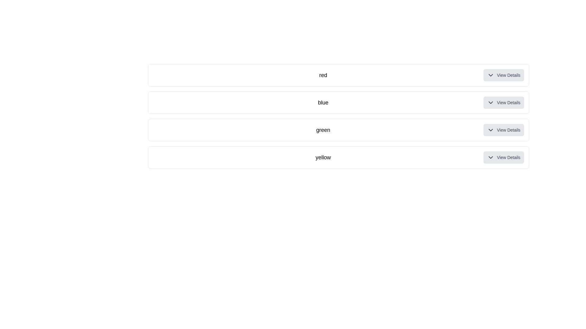  Describe the element at coordinates (504, 102) in the screenshot. I see `the button that allows users to view additional details associated with 'blue', located on the right side of the second row in a vertically stacked layout` at that location.